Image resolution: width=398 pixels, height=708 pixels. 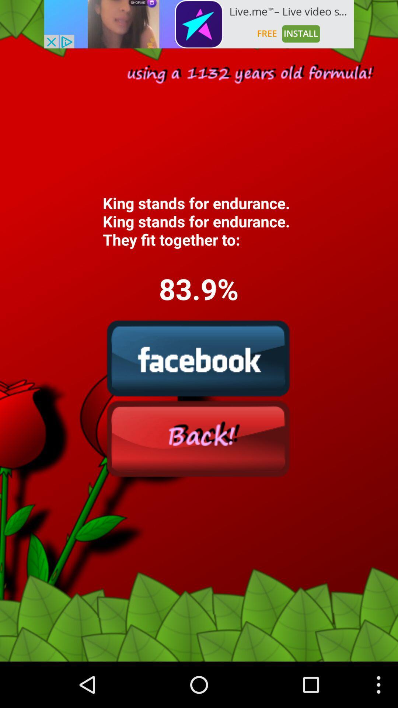 What do you see at coordinates (198, 358) in the screenshot?
I see `facebook` at bounding box center [198, 358].